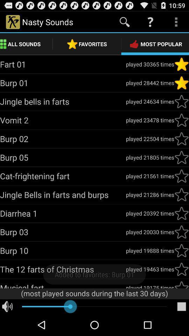 The width and height of the screenshot is (189, 336). What do you see at coordinates (149, 138) in the screenshot?
I see `the played 22504 times item` at bounding box center [149, 138].